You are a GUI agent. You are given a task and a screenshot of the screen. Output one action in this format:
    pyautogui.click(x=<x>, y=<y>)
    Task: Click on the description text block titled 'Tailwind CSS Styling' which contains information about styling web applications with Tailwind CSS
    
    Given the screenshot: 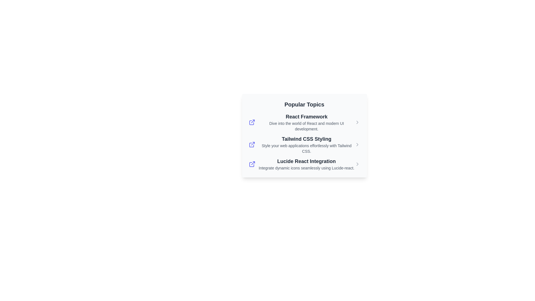 What is the action you would take?
    pyautogui.click(x=306, y=144)
    